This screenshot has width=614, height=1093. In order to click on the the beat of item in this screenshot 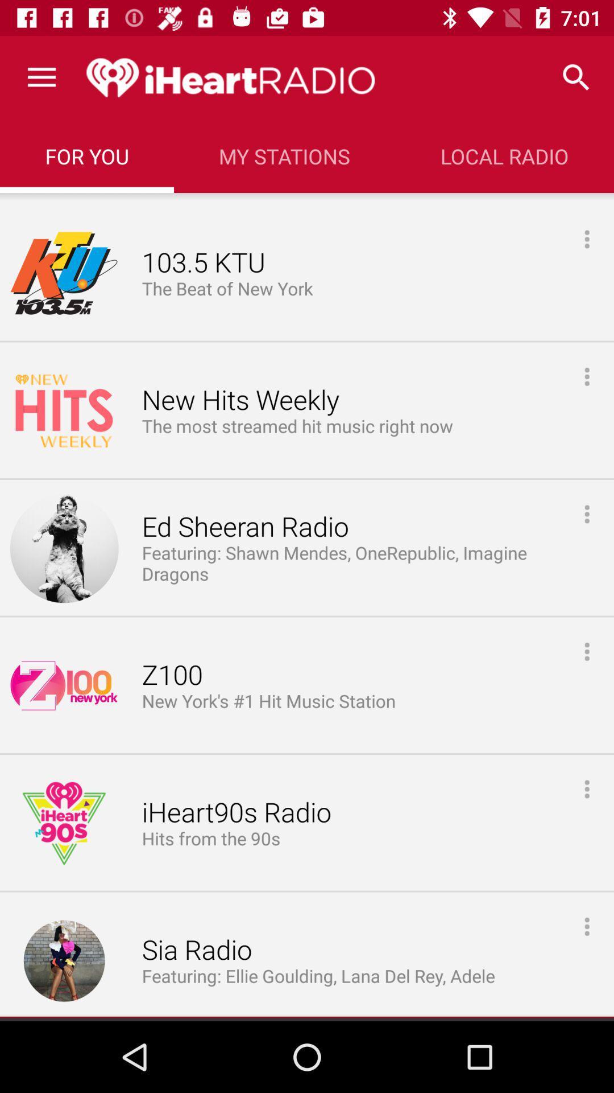, I will do `click(229, 289)`.